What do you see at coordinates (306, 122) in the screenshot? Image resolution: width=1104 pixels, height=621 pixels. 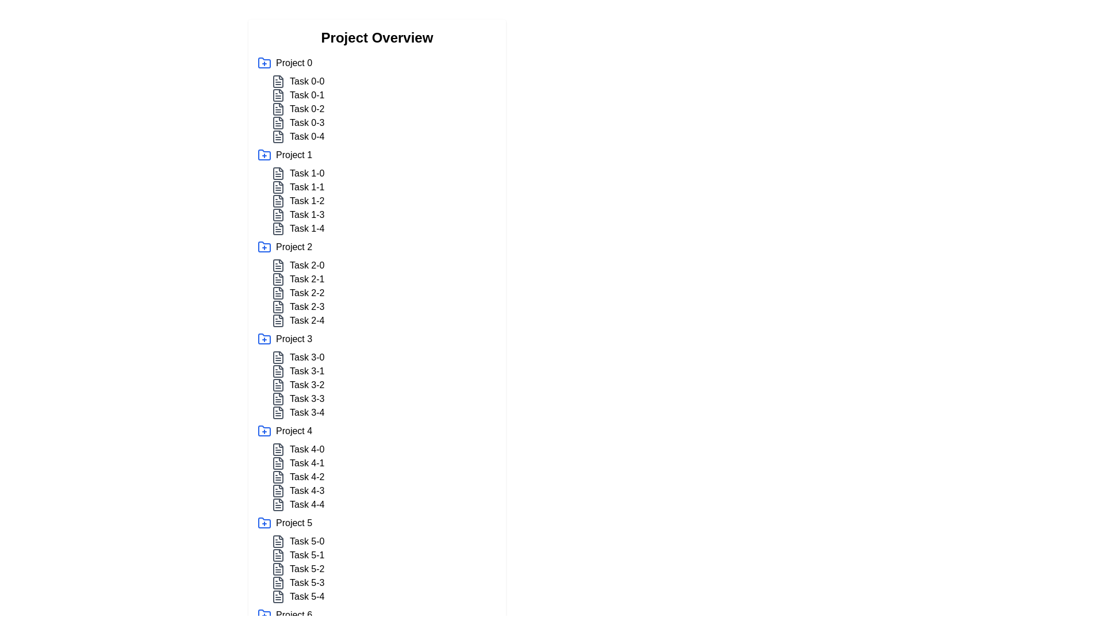 I see `the text label displaying 'Task 0-3'` at bounding box center [306, 122].